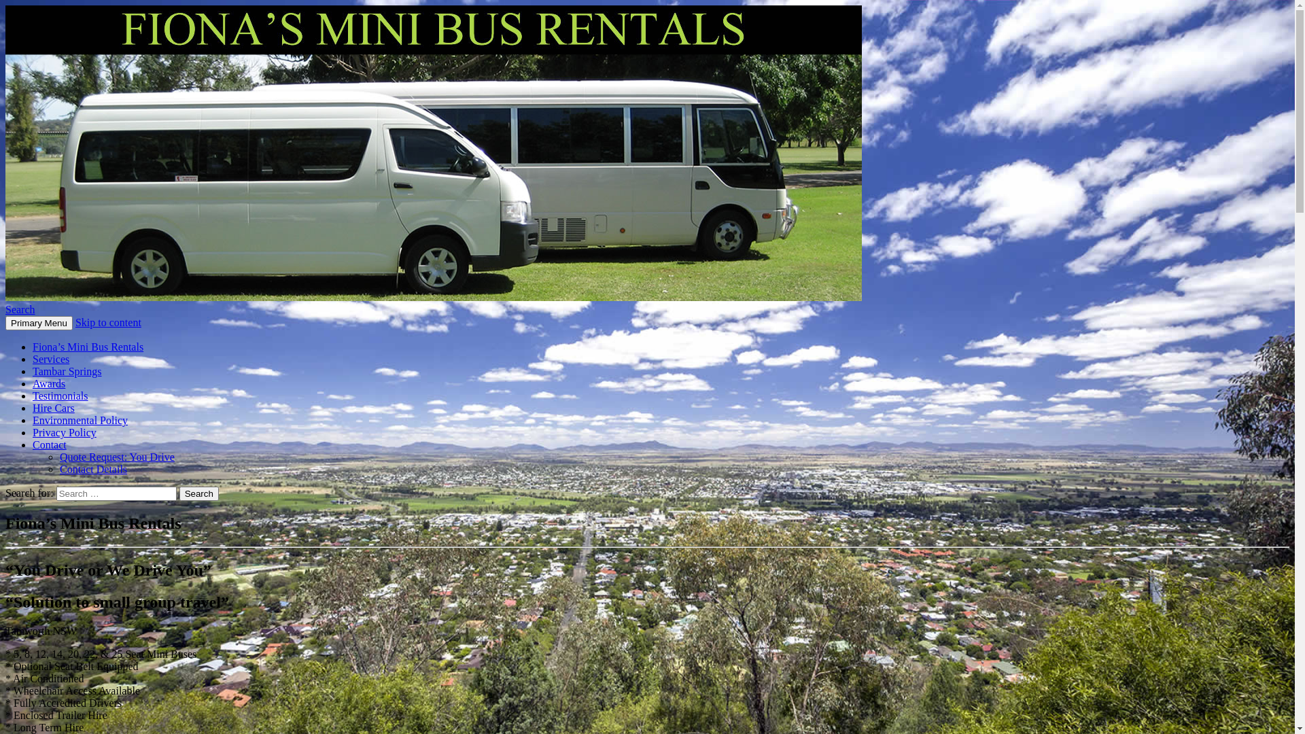  I want to click on 'Testimonials', so click(60, 396).